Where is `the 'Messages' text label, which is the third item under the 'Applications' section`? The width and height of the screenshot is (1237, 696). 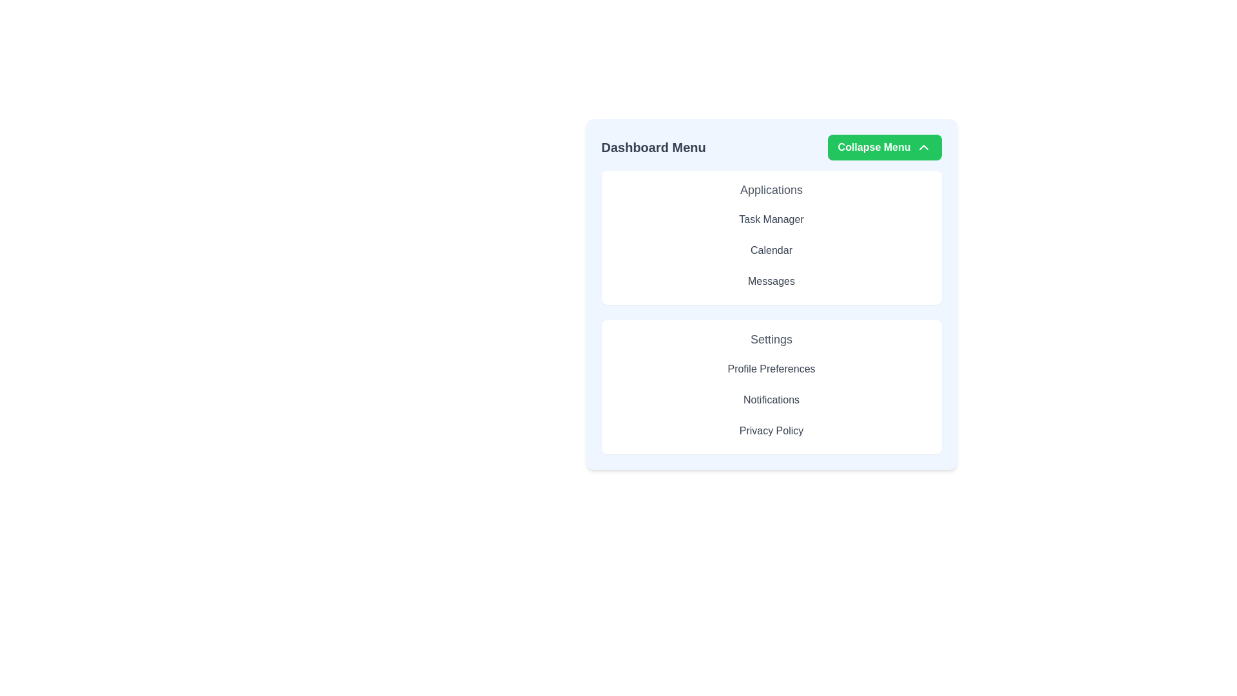
the 'Messages' text label, which is the third item under the 'Applications' section is located at coordinates (771, 280).